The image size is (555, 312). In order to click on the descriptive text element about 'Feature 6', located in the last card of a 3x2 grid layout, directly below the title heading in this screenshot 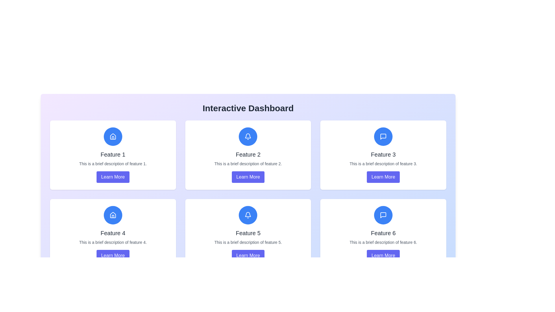, I will do `click(383, 242)`.